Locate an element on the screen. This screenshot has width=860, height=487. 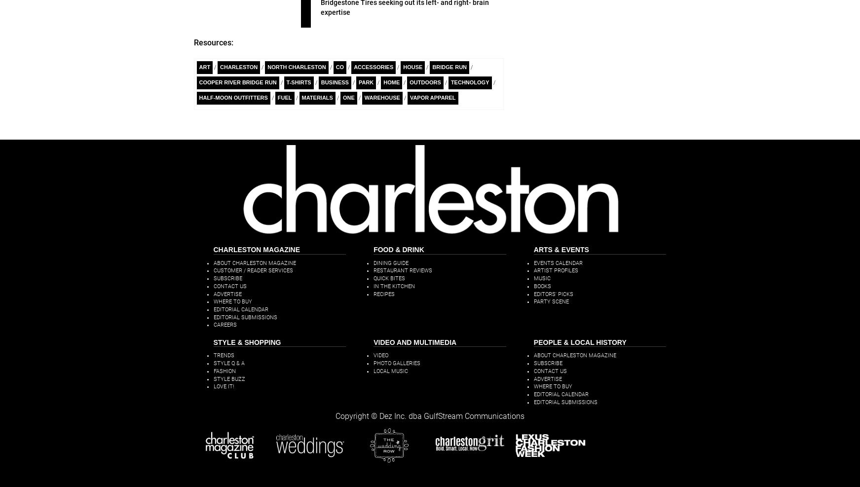
'Outdoors' is located at coordinates (409, 82).